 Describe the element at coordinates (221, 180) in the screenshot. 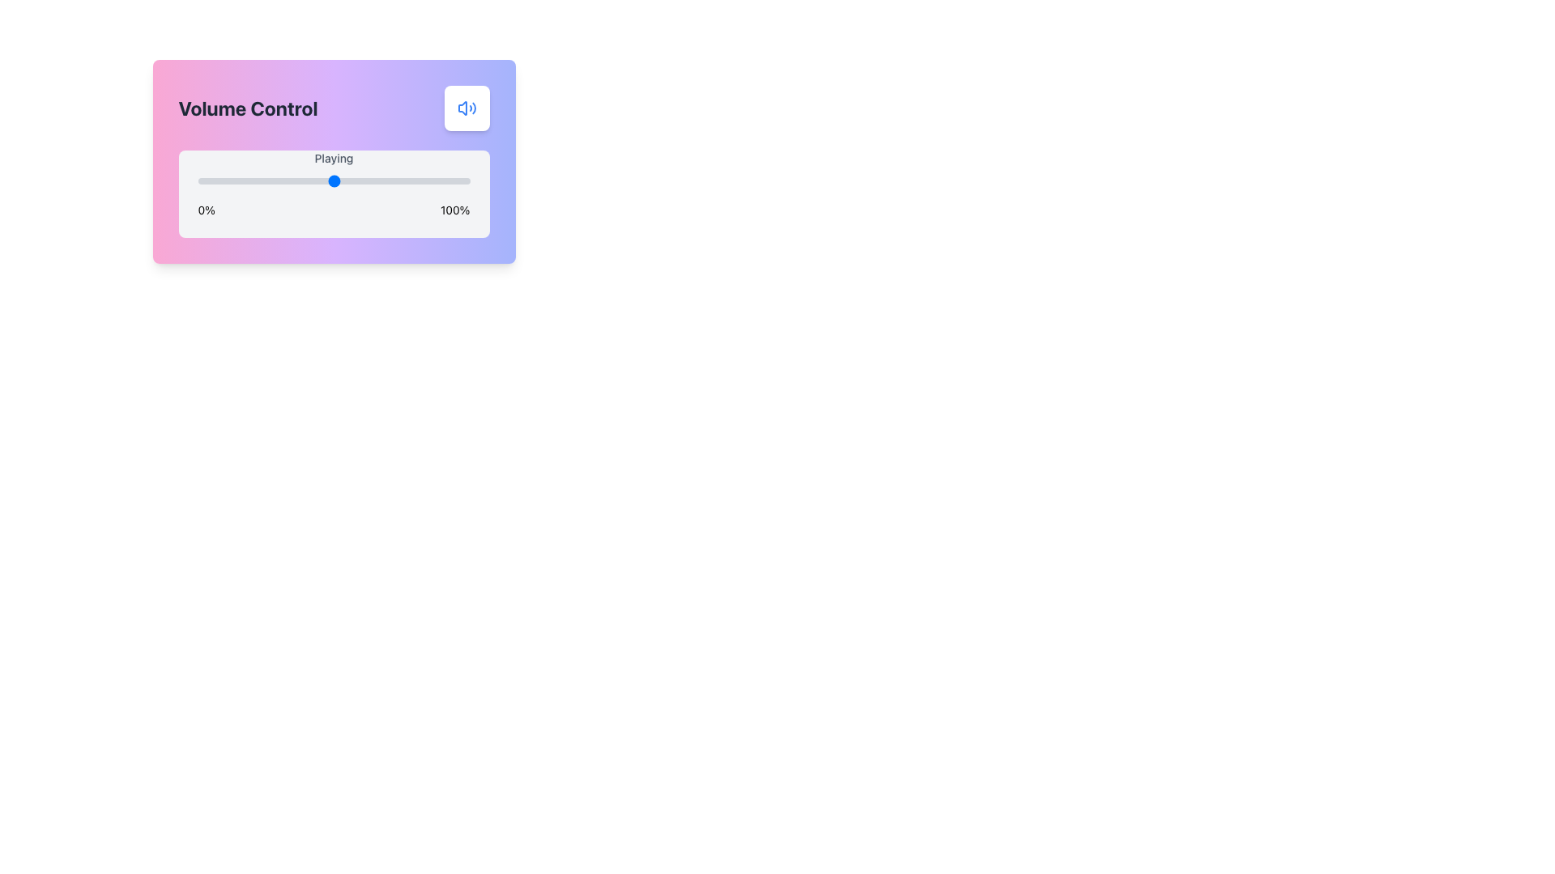

I see `the playback position` at that location.